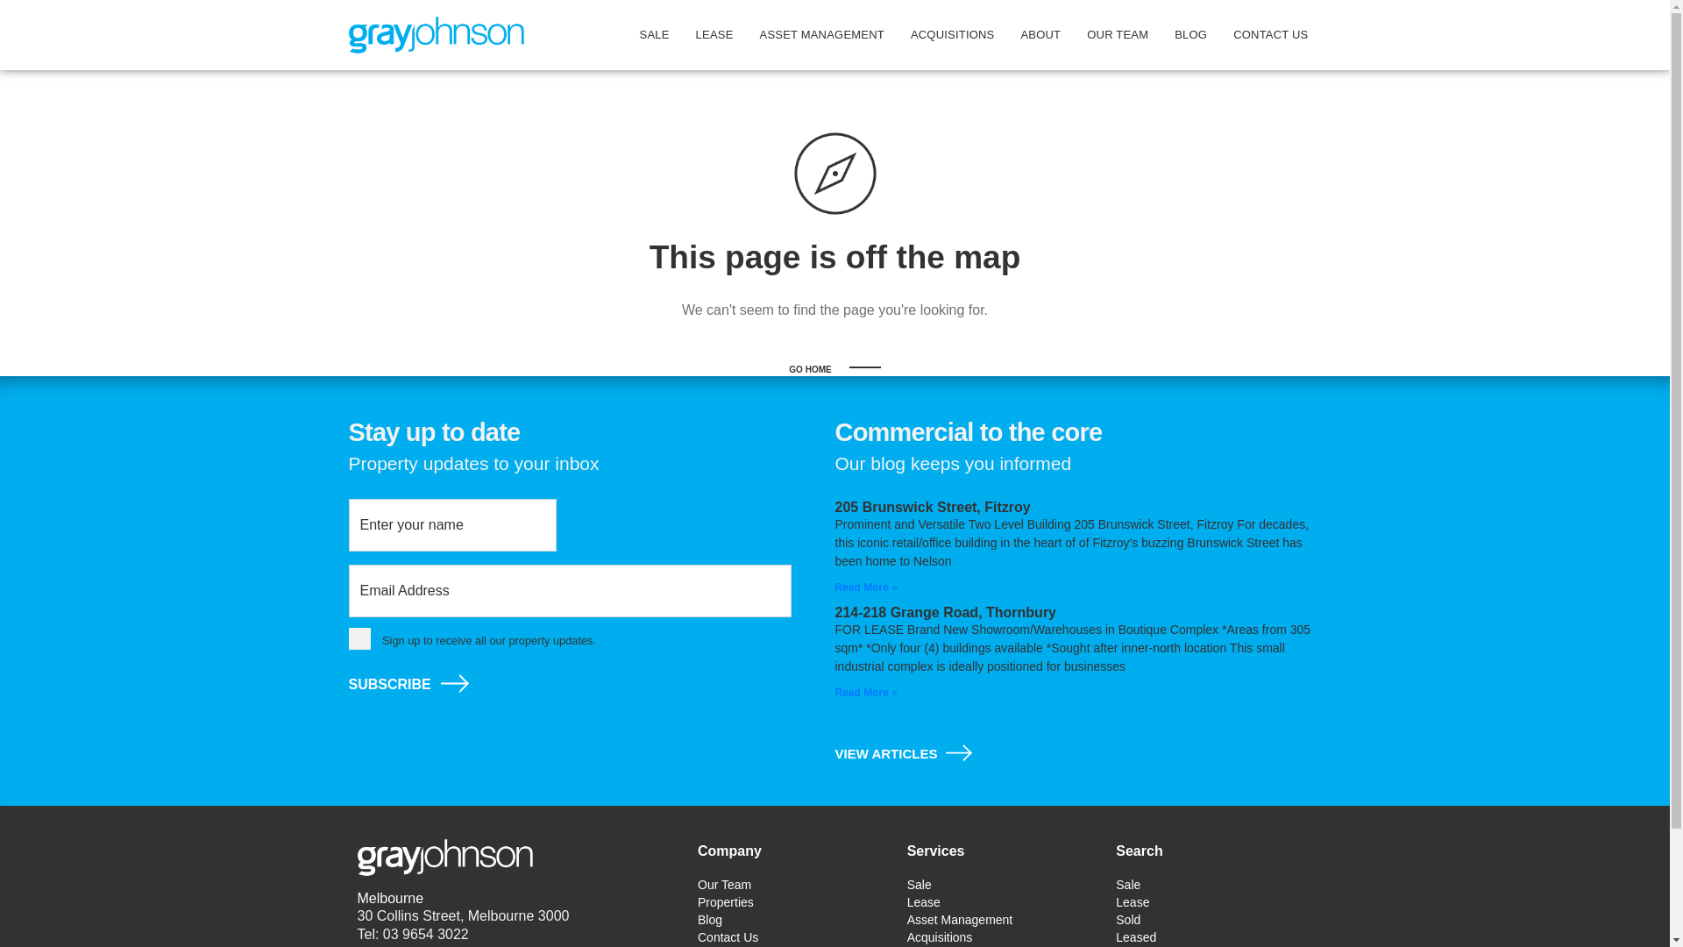 This screenshot has width=1683, height=947. What do you see at coordinates (697, 902) in the screenshot?
I see `'Properties'` at bounding box center [697, 902].